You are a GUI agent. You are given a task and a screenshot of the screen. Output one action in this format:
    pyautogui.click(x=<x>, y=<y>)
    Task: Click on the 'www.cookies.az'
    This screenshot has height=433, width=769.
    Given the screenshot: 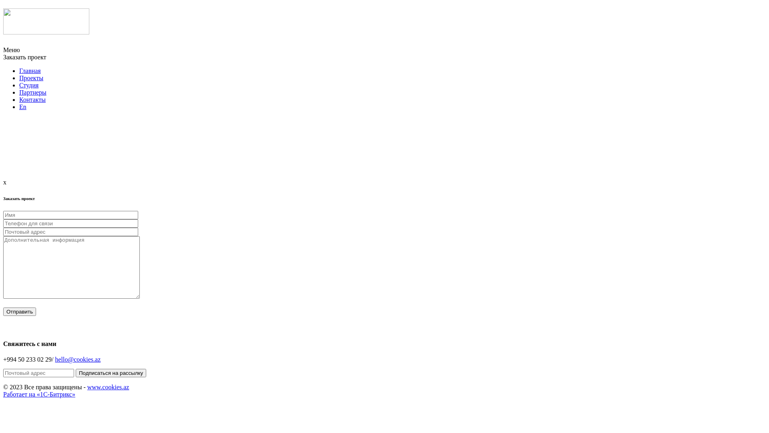 What is the action you would take?
    pyautogui.click(x=108, y=386)
    